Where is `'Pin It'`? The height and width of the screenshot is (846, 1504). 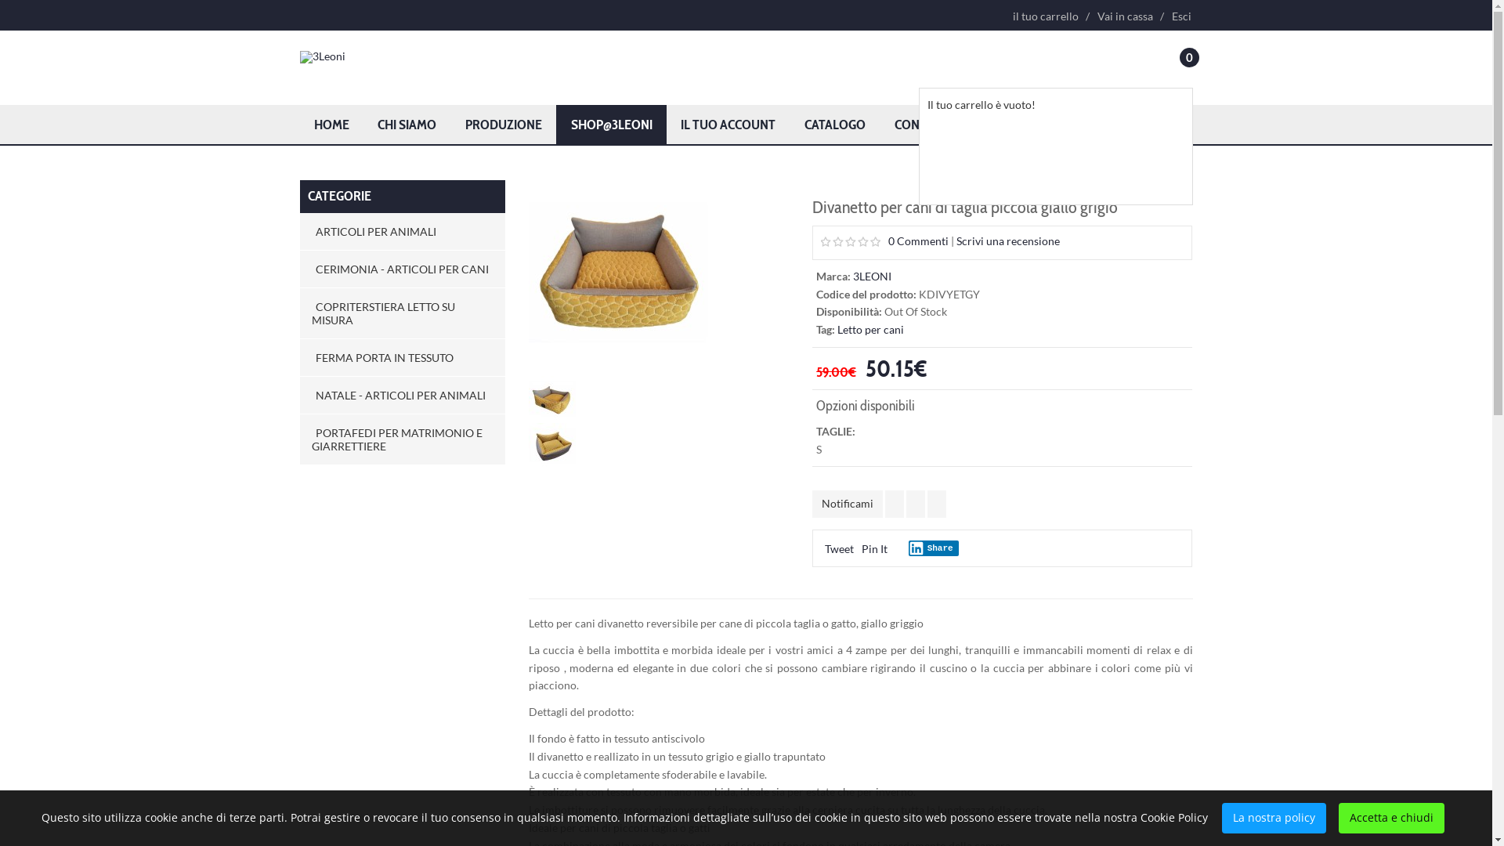 'Pin It' is located at coordinates (873, 548).